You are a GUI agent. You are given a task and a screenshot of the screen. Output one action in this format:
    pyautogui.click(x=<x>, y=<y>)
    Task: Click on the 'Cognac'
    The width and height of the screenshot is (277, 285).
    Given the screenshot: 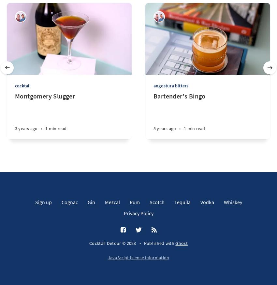 What is the action you would take?
    pyautogui.click(x=69, y=201)
    